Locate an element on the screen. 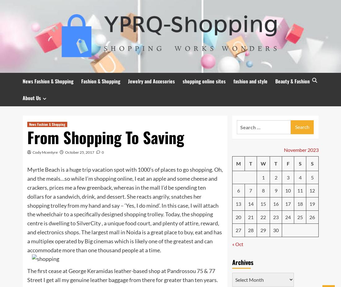  'News Fashion & Shopping' is located at coordinates (46, 124).